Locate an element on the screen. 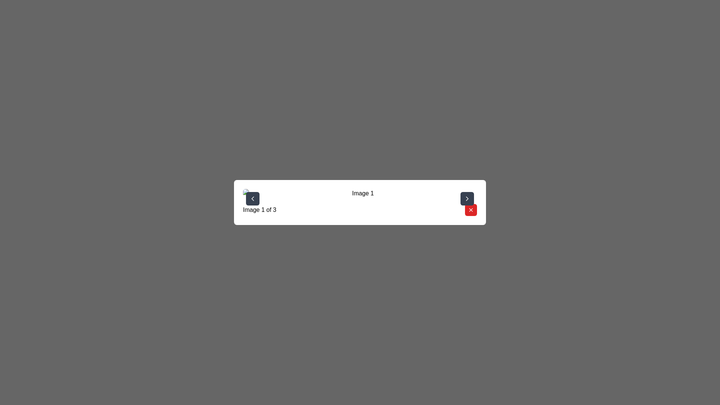  the left-pointing chevron icon button located near the left edge of the navigation bar is located at coordinates (252, 198).